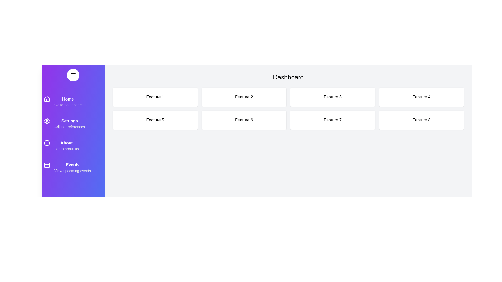 The image size is (502, 282). Describe the element at coordinates (73, 102) in the screenshot. I see `the menu item Home` at that location.